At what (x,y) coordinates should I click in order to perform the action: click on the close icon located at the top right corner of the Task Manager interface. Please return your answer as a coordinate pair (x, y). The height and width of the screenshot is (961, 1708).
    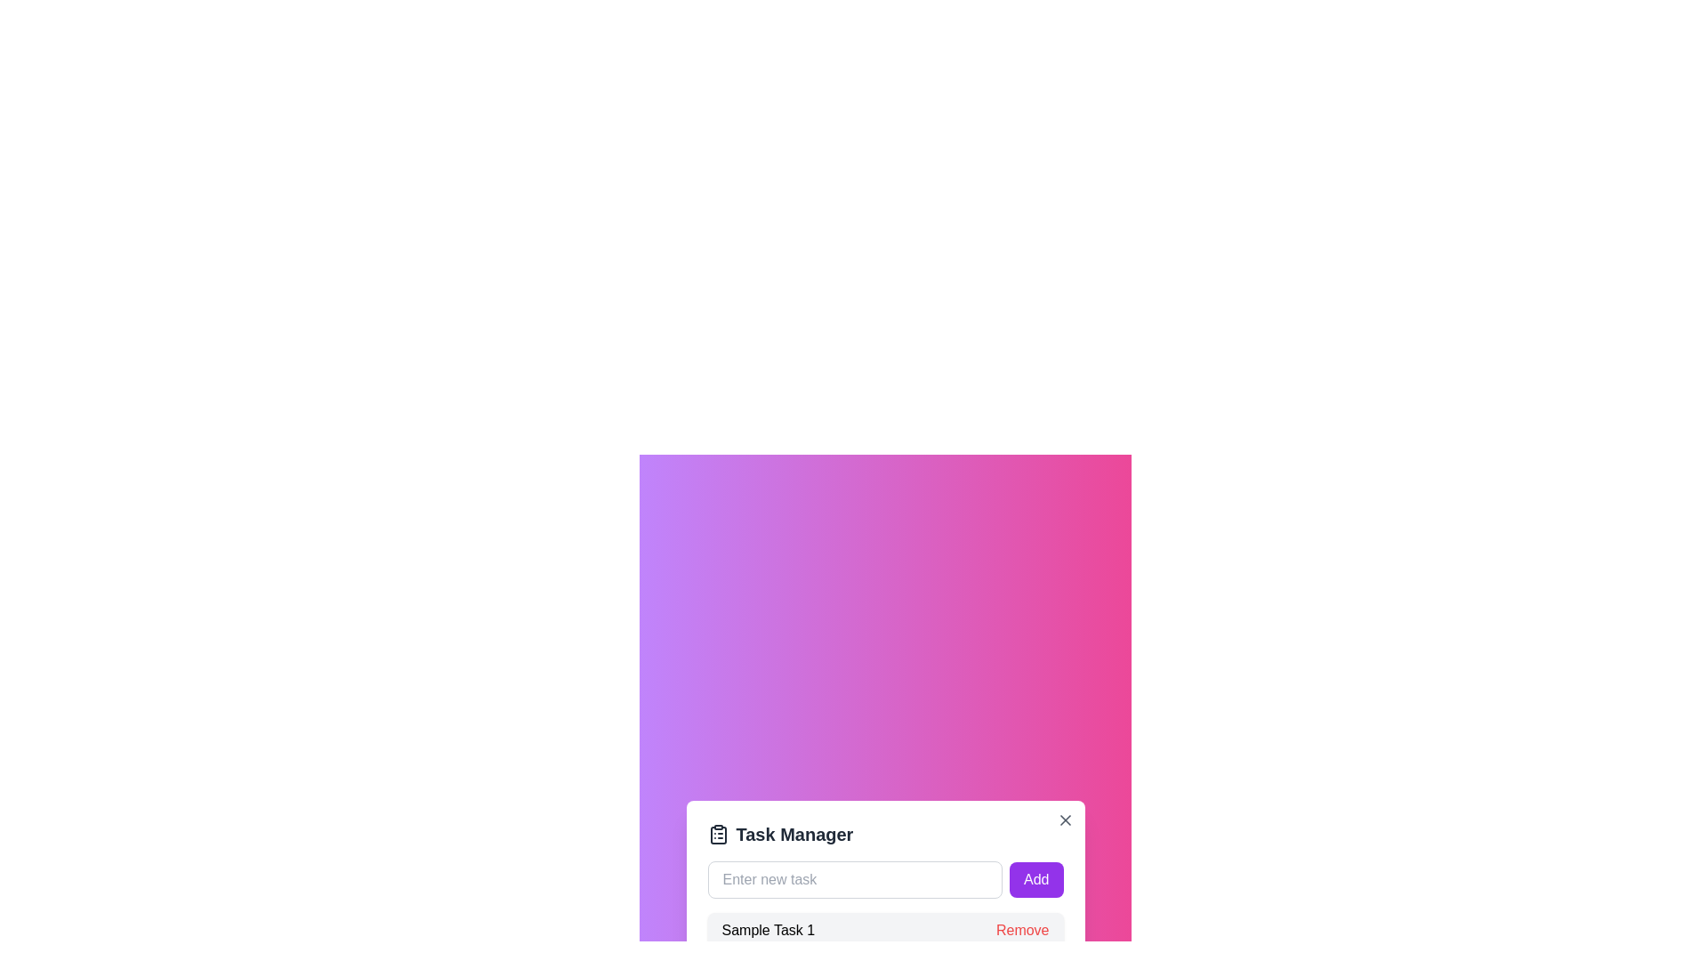
    Looking at the image, I should click on (1065, 820).